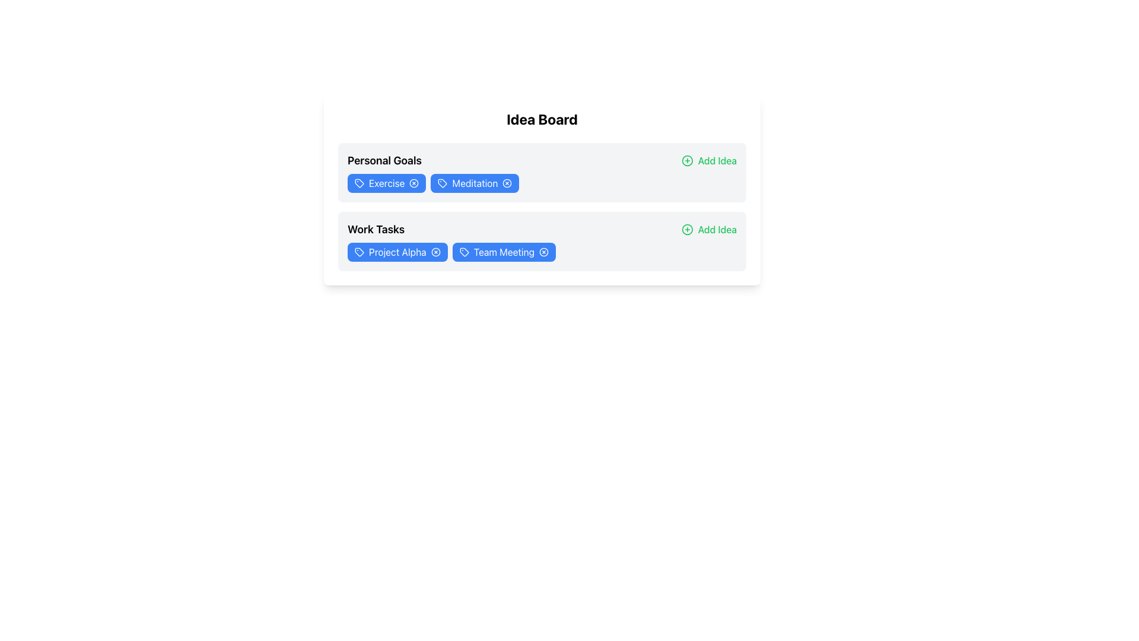  Describe the element at coordinates (414, 183) in the screenshot. I see `the blue circular graphic icon associated with the 'Exercise' tag in the 'Personal Goals' section of the 'Idea Board'` at that location.